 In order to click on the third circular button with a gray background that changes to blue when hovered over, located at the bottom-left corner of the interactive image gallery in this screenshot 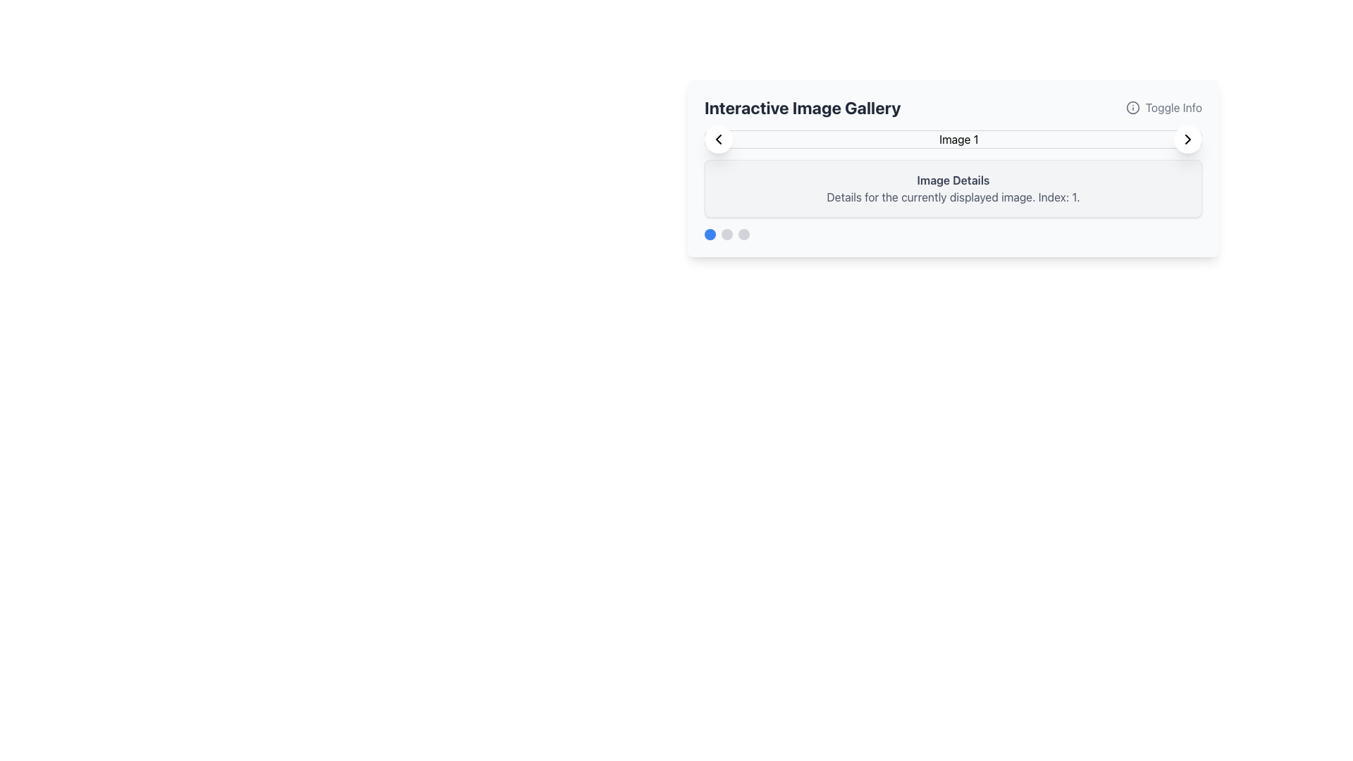, I will do `click(743, 233)`.